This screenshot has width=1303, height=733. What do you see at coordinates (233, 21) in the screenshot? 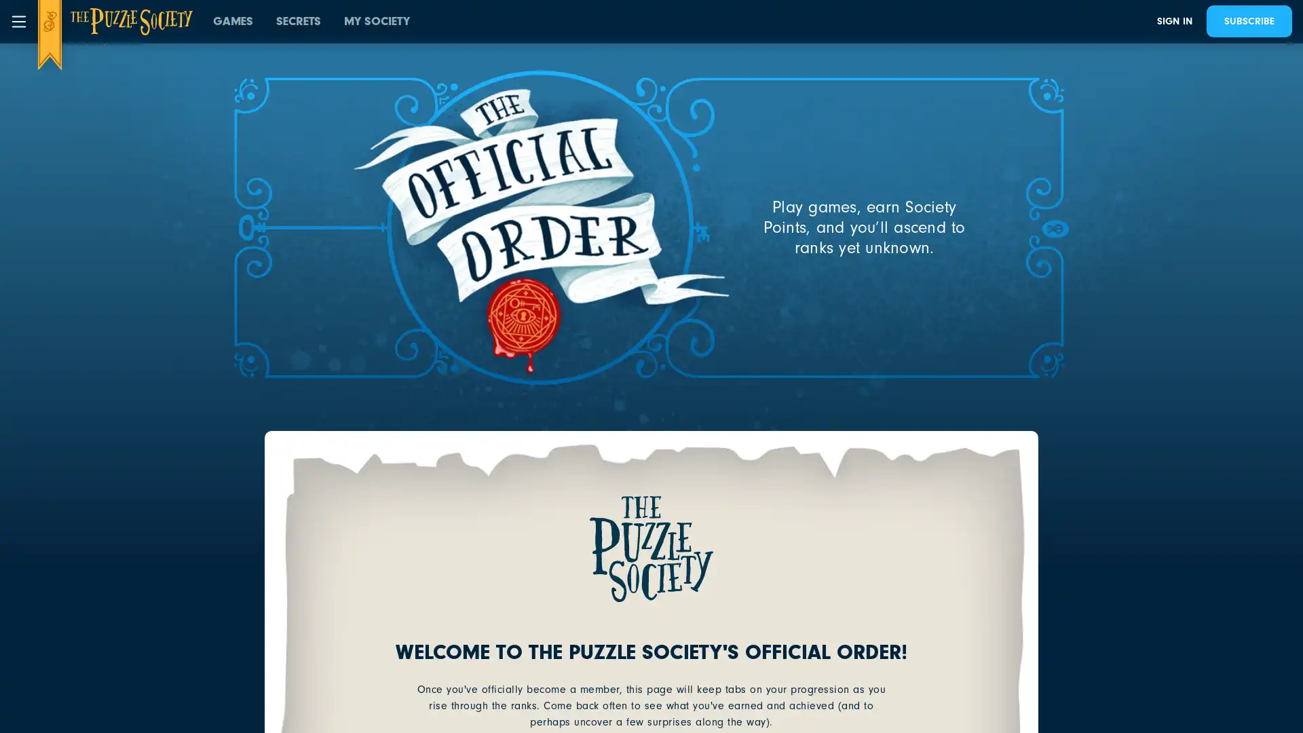
I see `GAMES` at bounding box center [233, 21].